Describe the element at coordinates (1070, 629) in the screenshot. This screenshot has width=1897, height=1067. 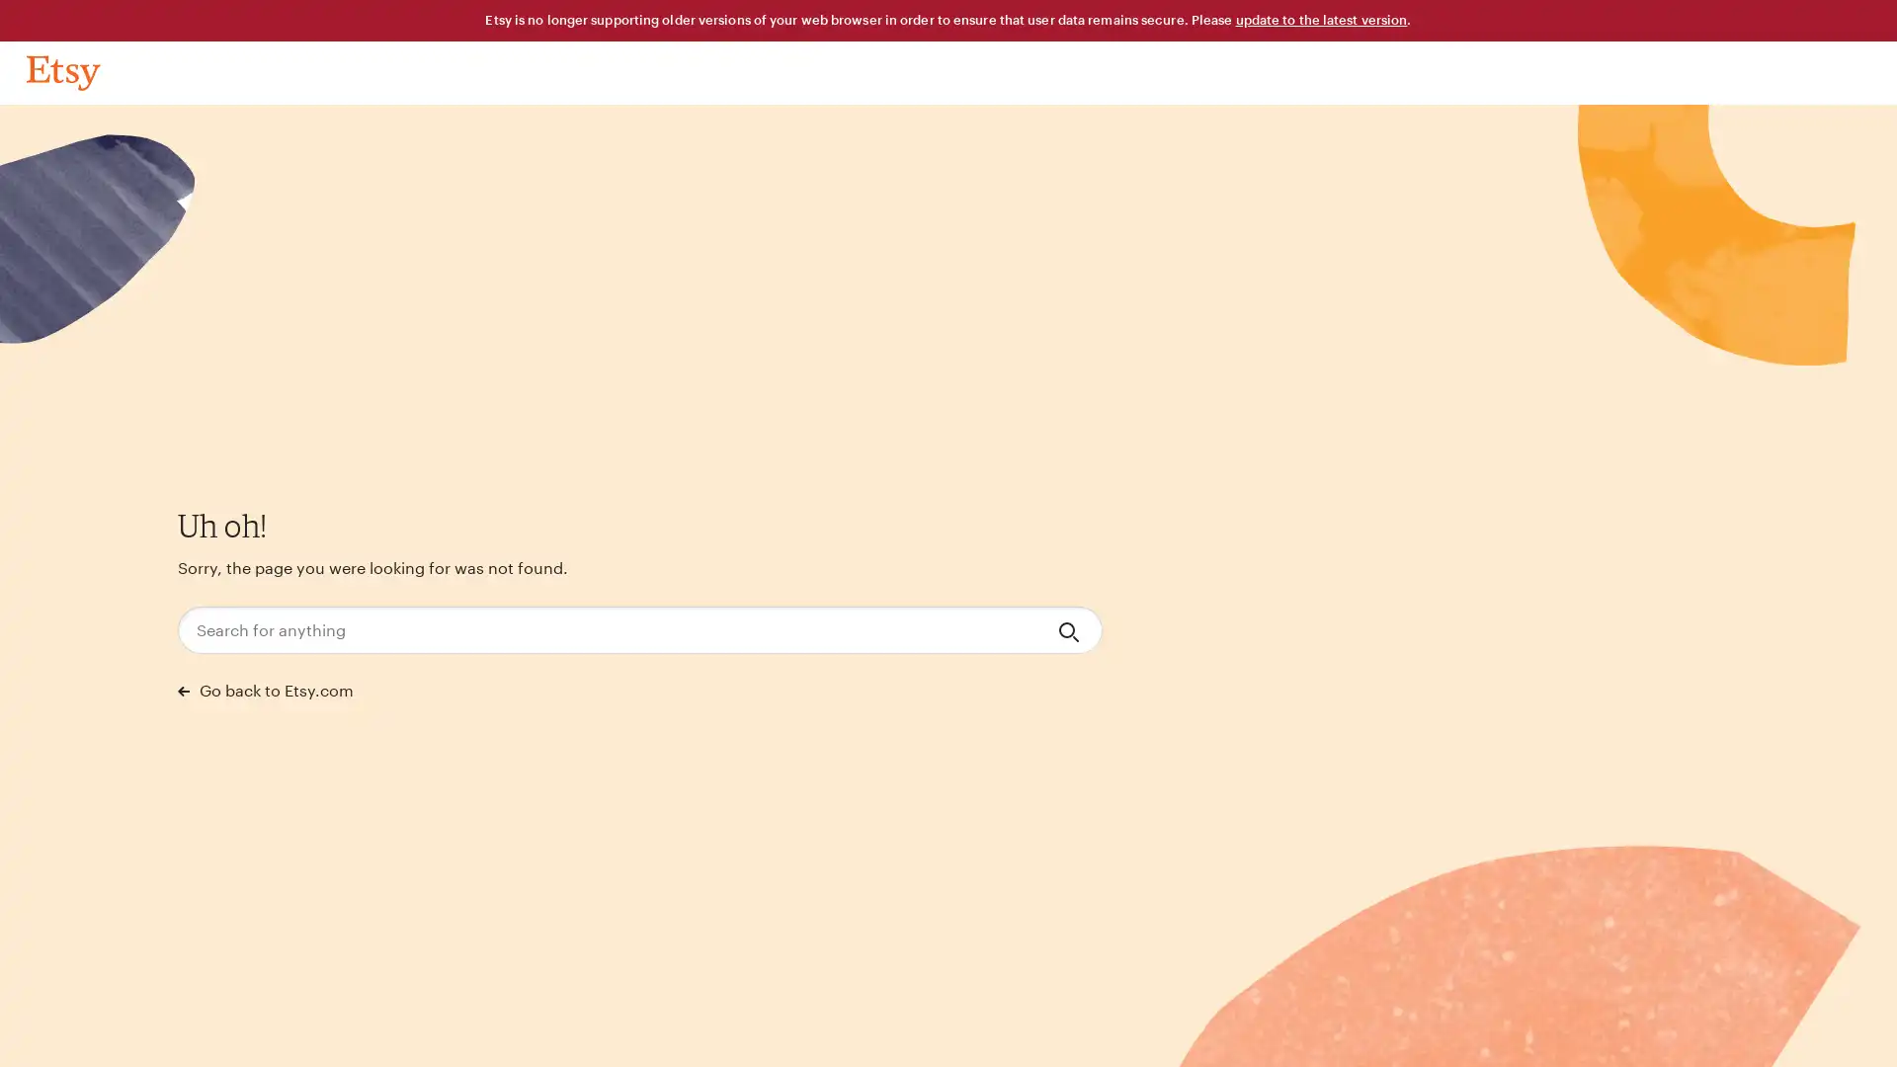
I see `Search` at that location.